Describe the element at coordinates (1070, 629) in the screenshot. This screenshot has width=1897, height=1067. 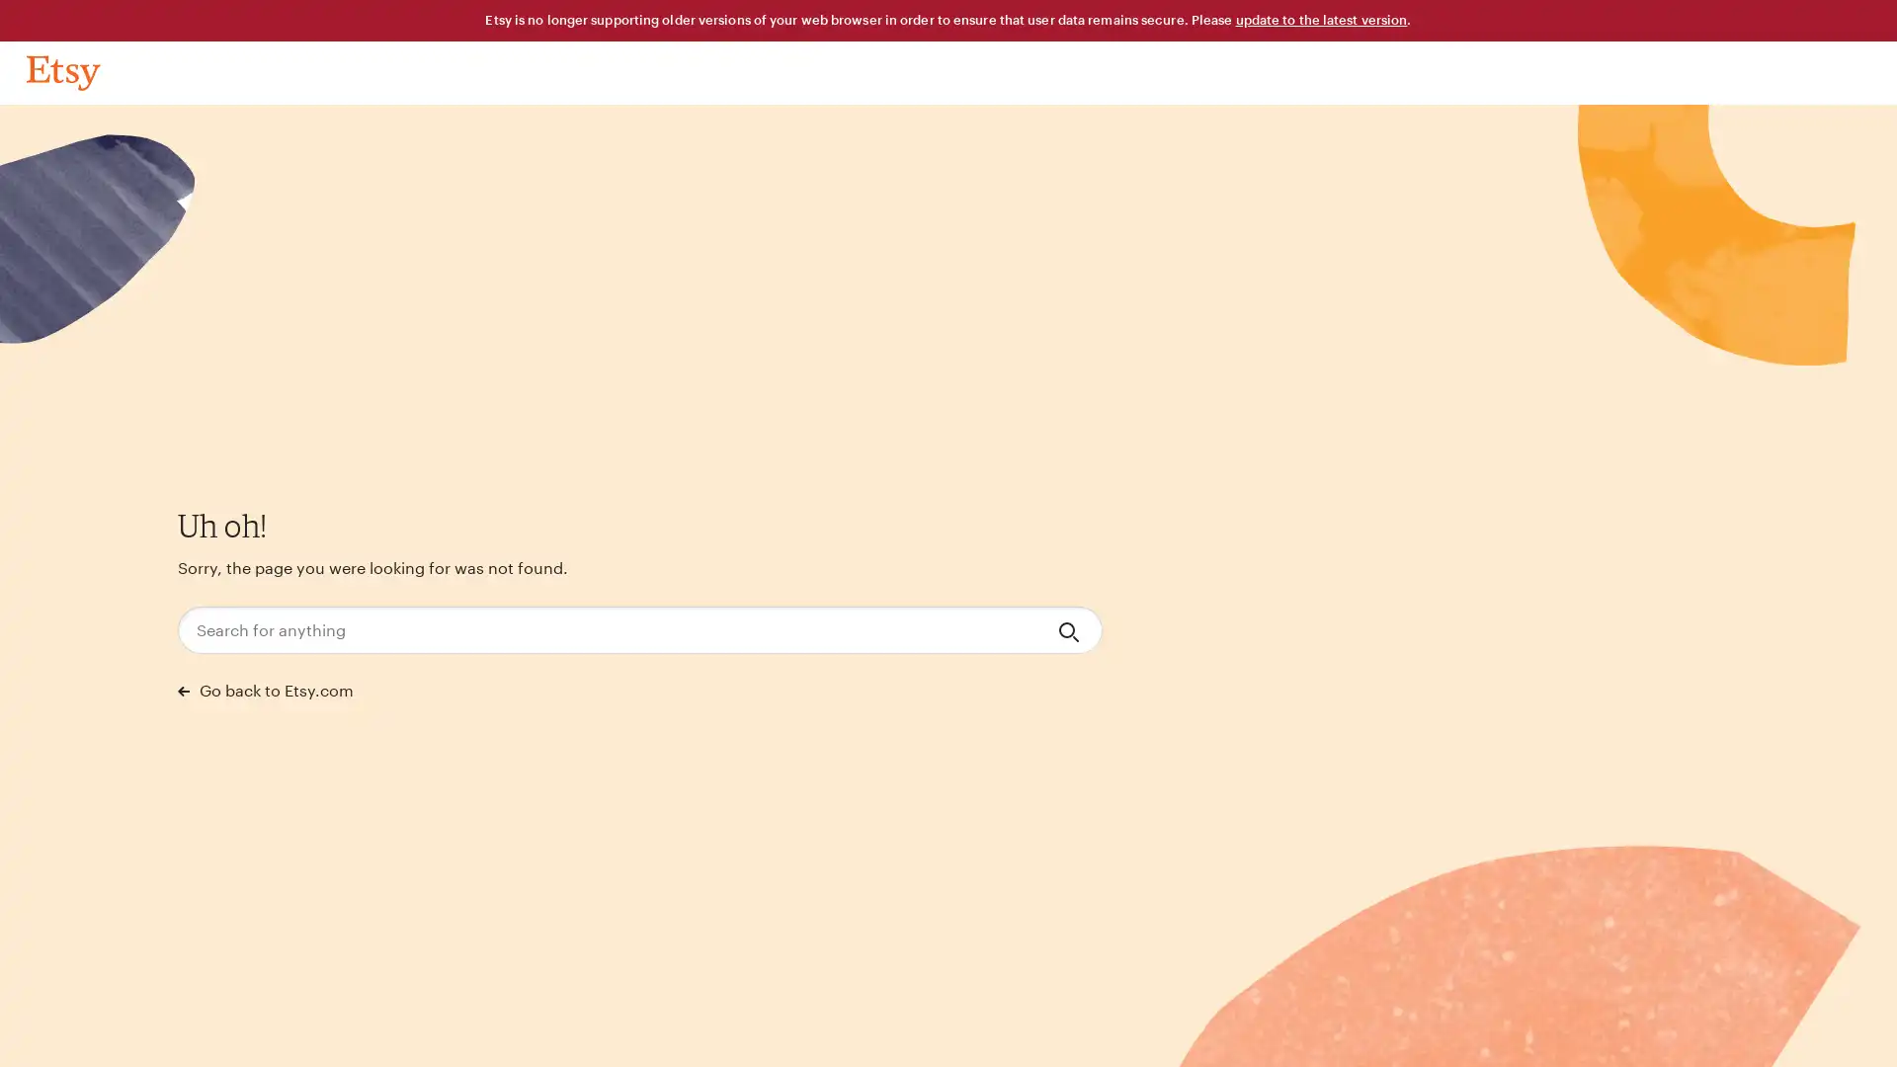
I see `Search` at that location.